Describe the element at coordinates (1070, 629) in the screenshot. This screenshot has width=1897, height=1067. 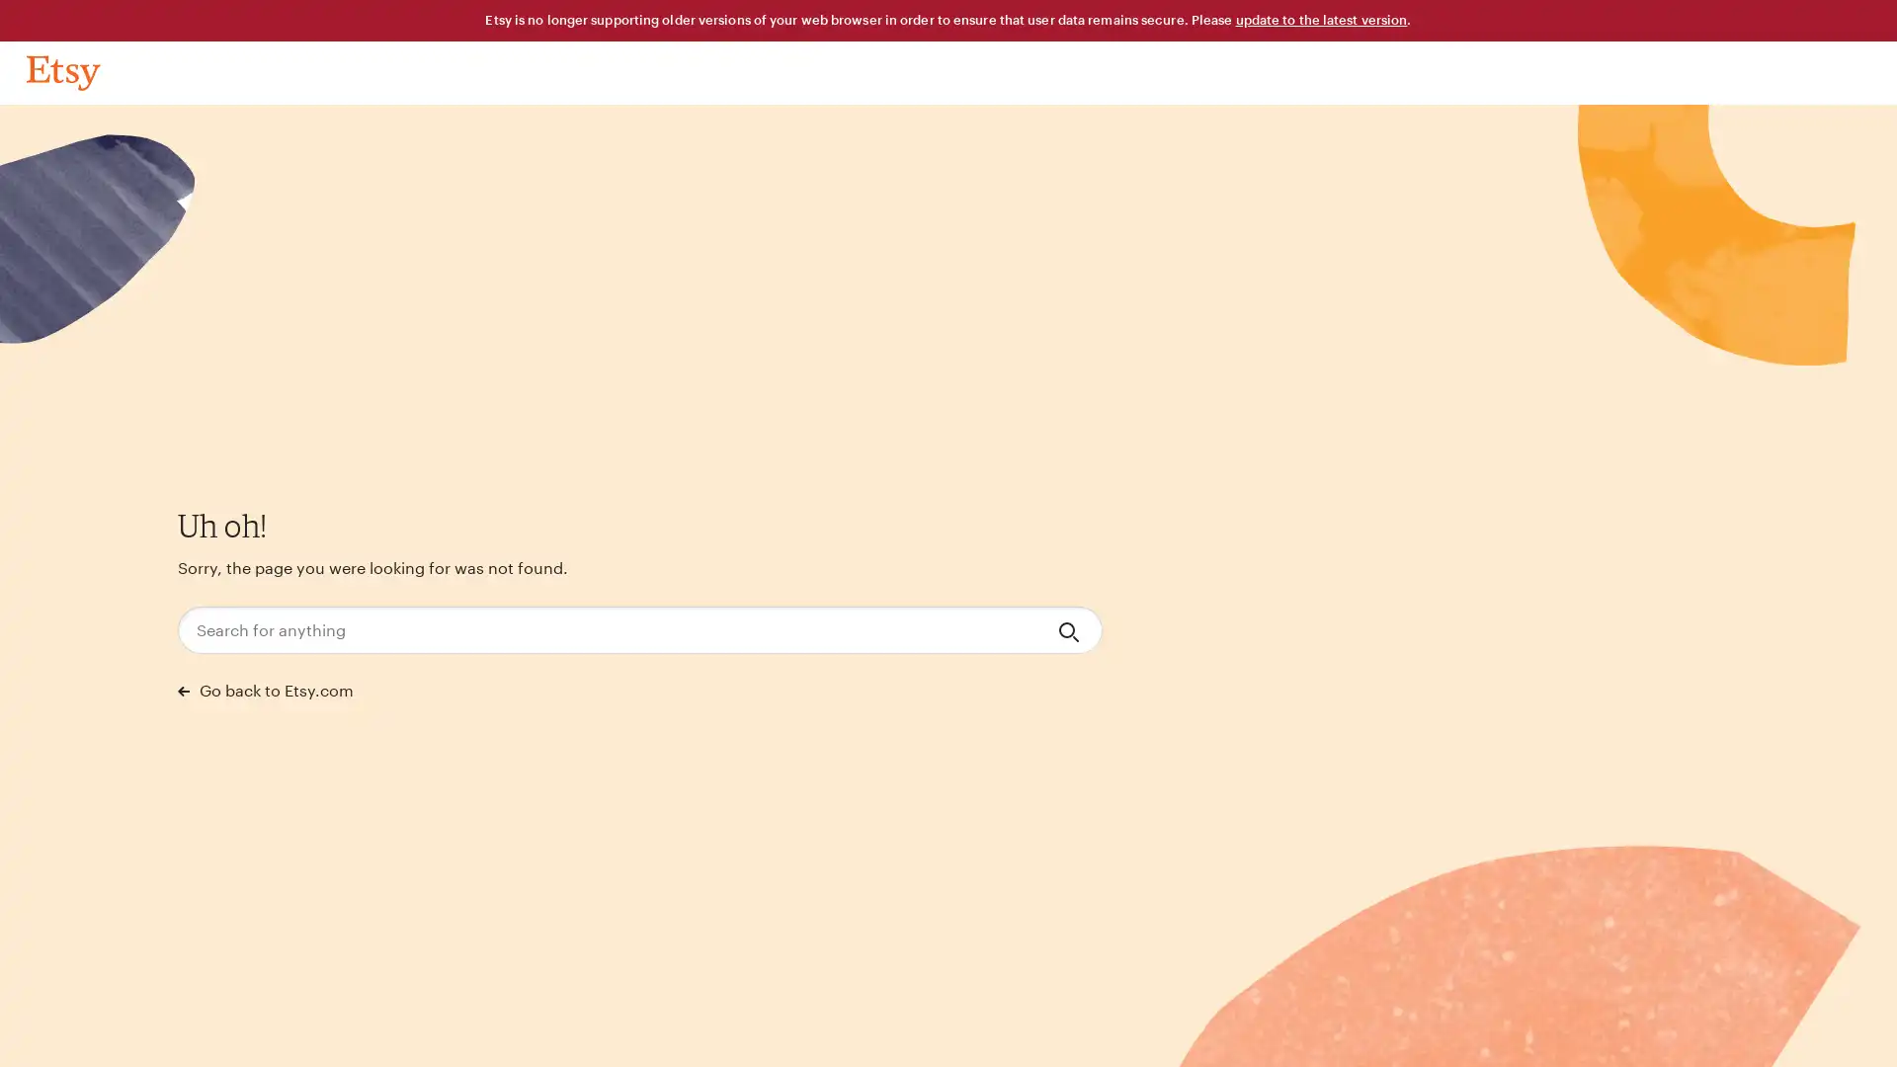
I see `Search` at that location.